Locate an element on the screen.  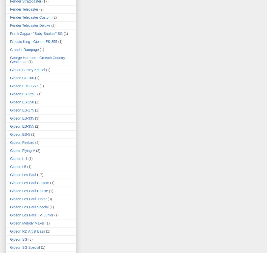
'Gibson ES-150' is located at coordinates (22, 102).